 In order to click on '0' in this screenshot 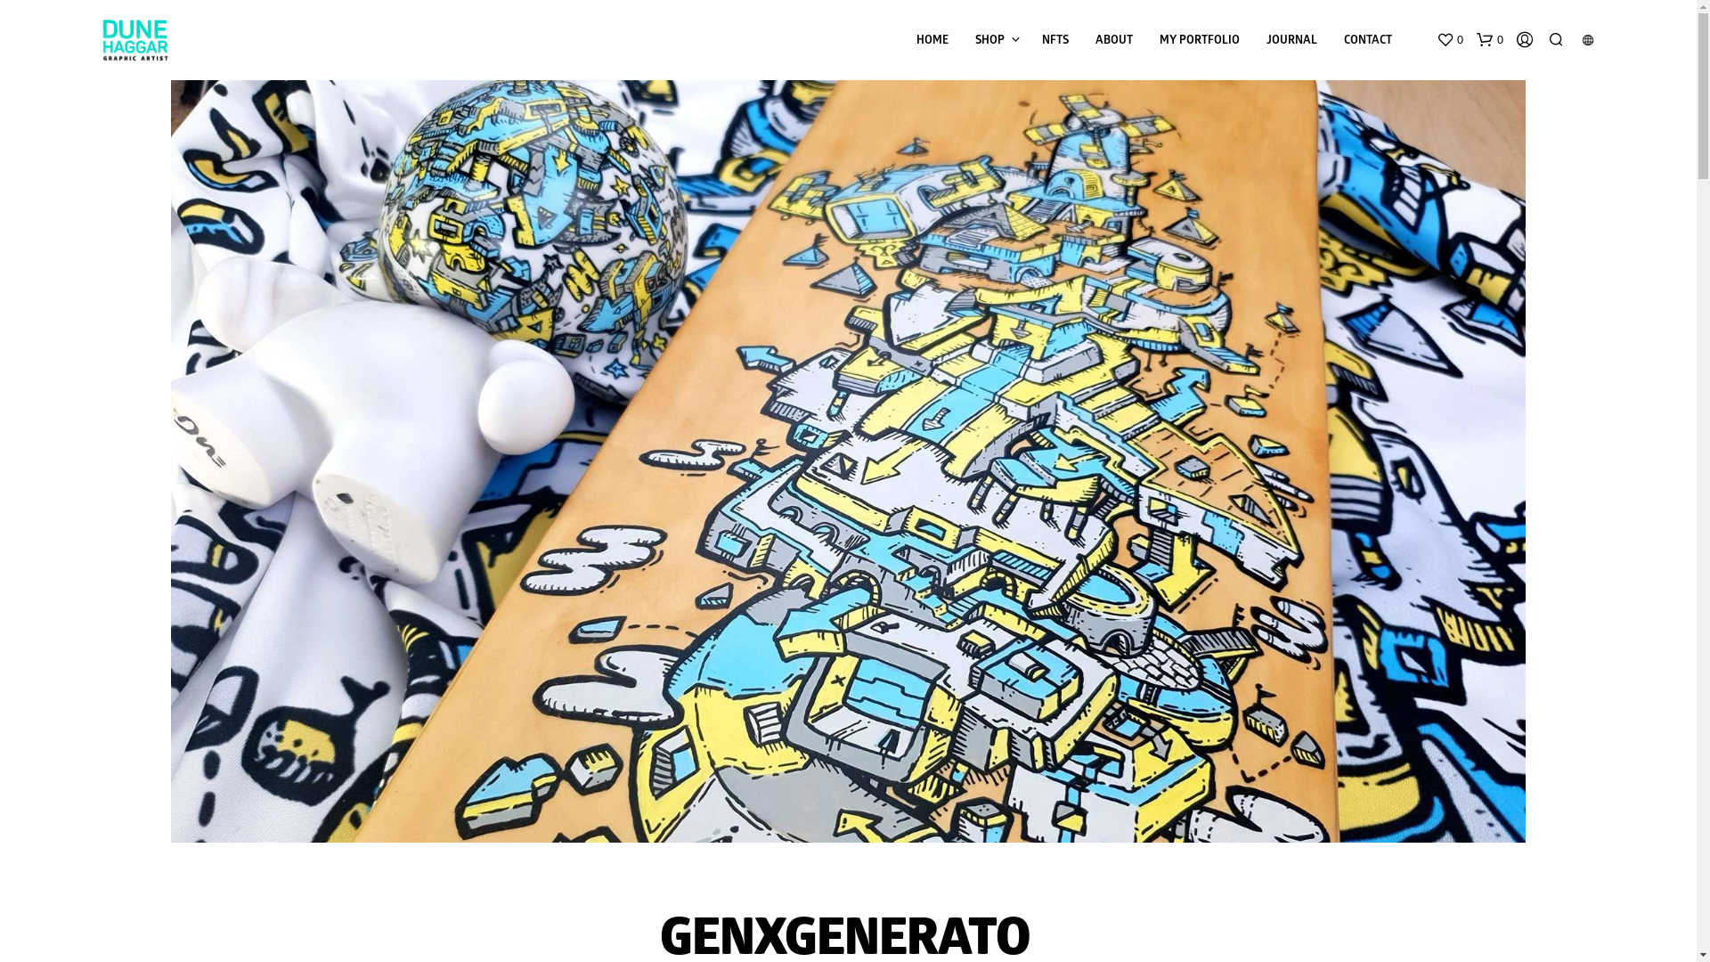, I will do `click(1449, 40)`.